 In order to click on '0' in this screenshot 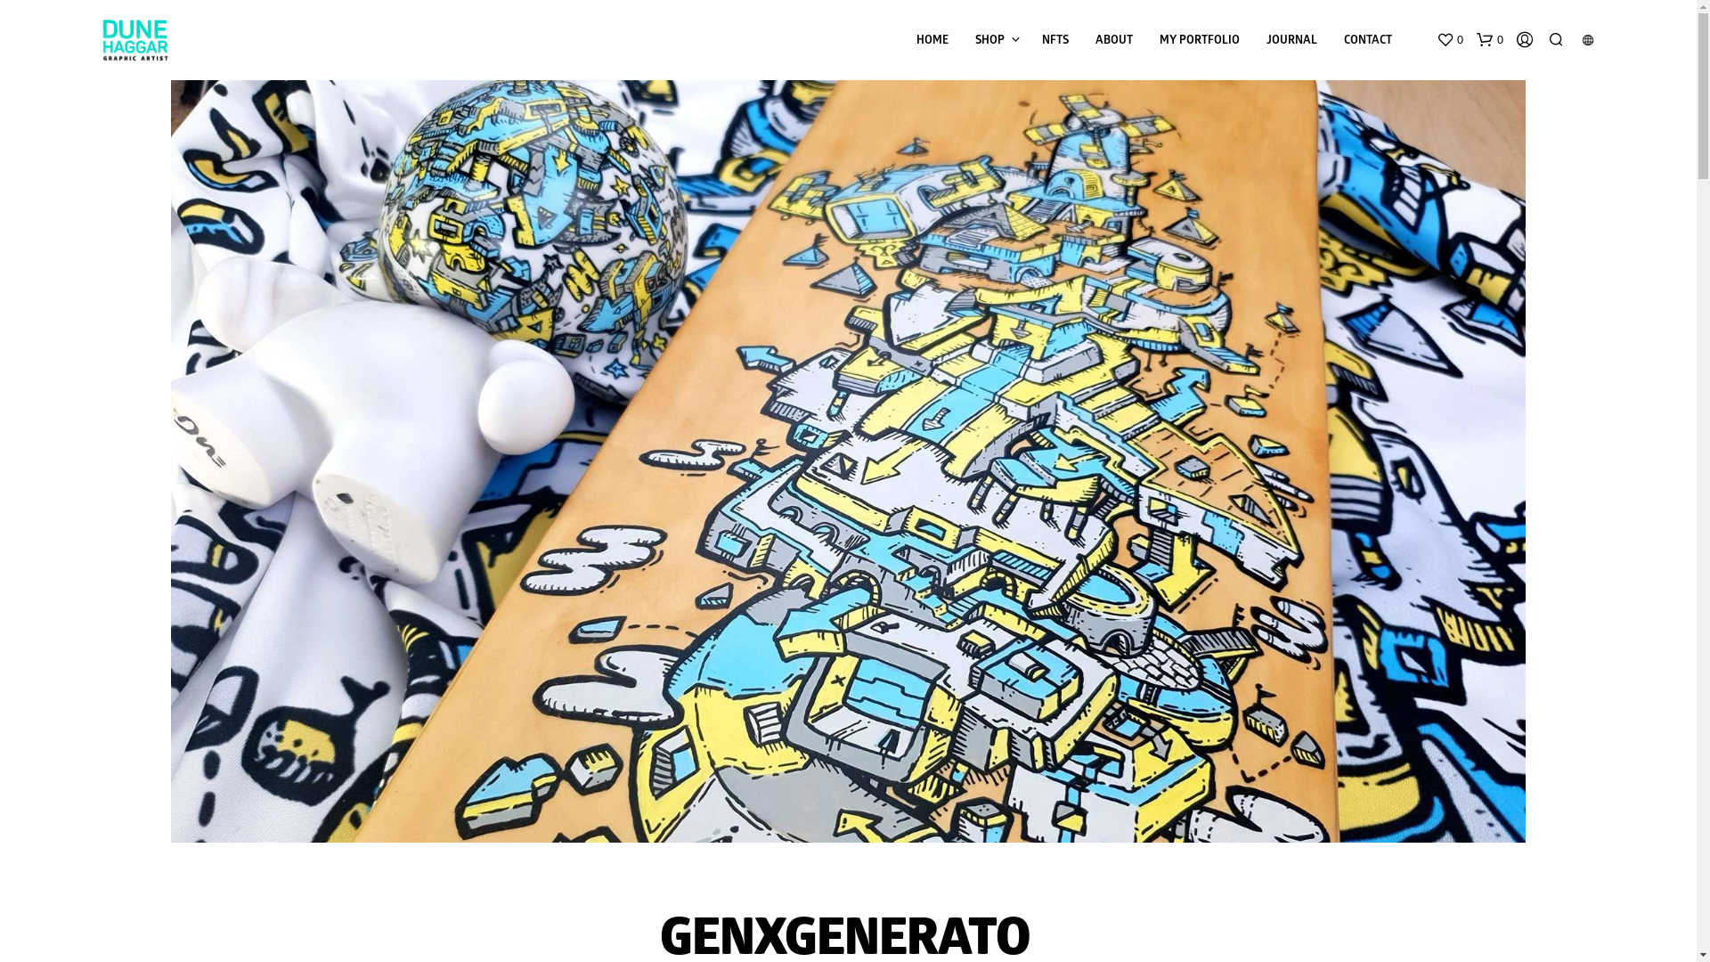, I will do `click(1449, 40)`.